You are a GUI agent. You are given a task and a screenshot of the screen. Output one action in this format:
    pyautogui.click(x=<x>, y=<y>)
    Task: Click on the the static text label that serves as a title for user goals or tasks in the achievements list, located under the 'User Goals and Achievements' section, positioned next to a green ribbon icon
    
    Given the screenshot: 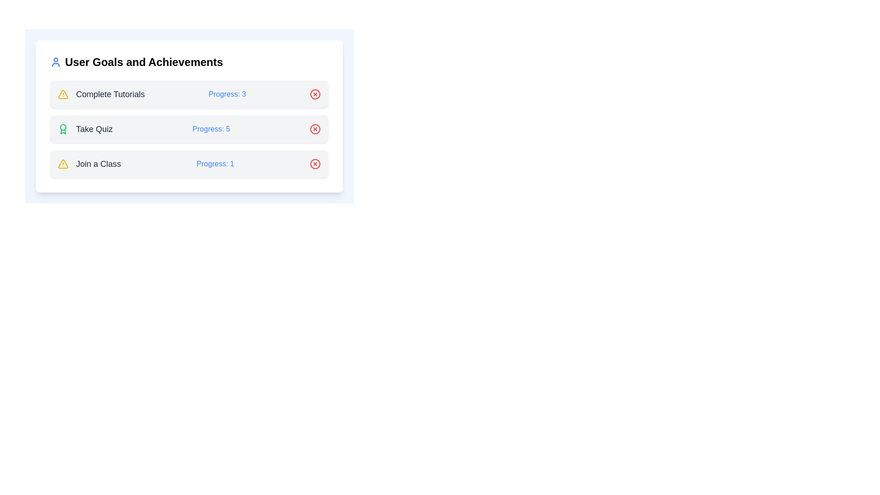 What is the action you would take?
    pyautogui.click(x=94, y=129)
    